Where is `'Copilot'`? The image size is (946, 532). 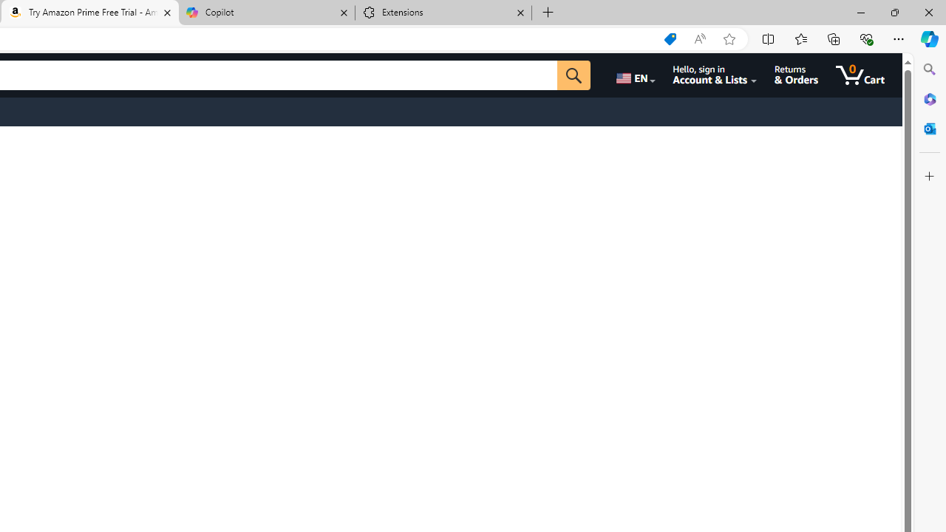
'Copilot' is located at coordinates (266, 13).